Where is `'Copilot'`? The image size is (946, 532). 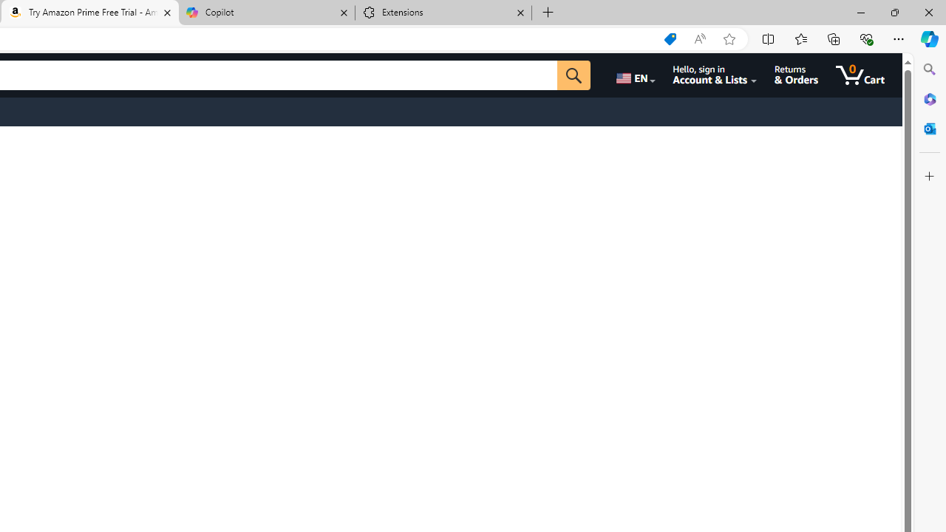
'Copilot' is located at coordinates (266, 13).